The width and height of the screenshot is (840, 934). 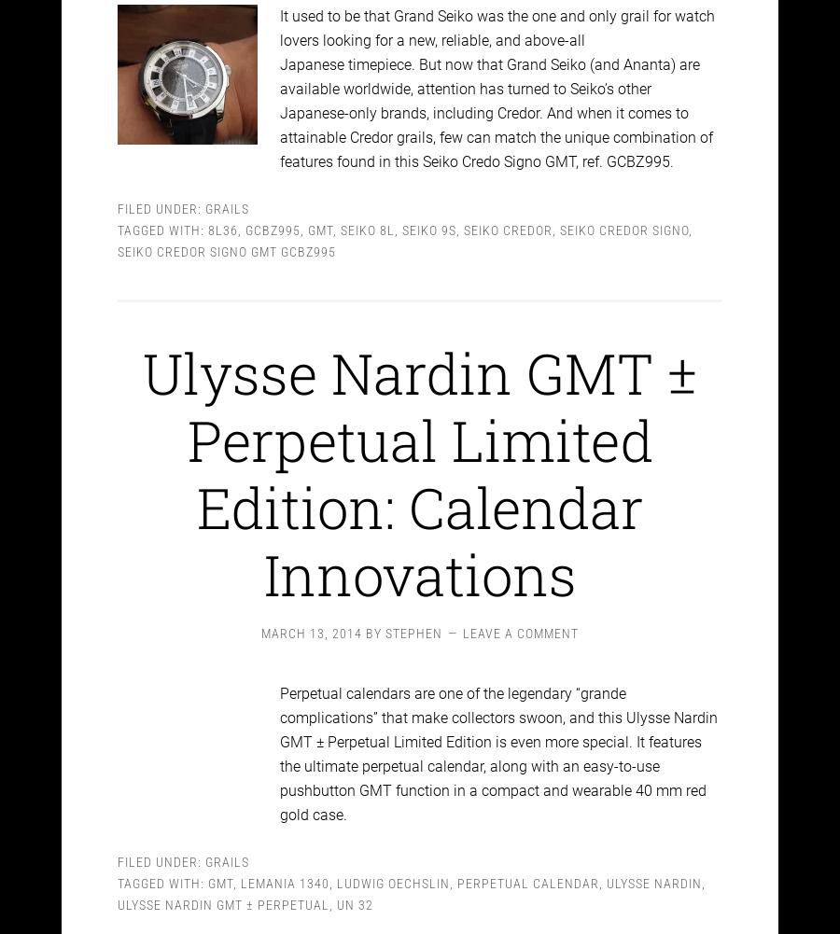 What do you see at coordinates (272, 213) in the screenshot?
I see `'GCBZ995'` at bounding box center [272, 213].